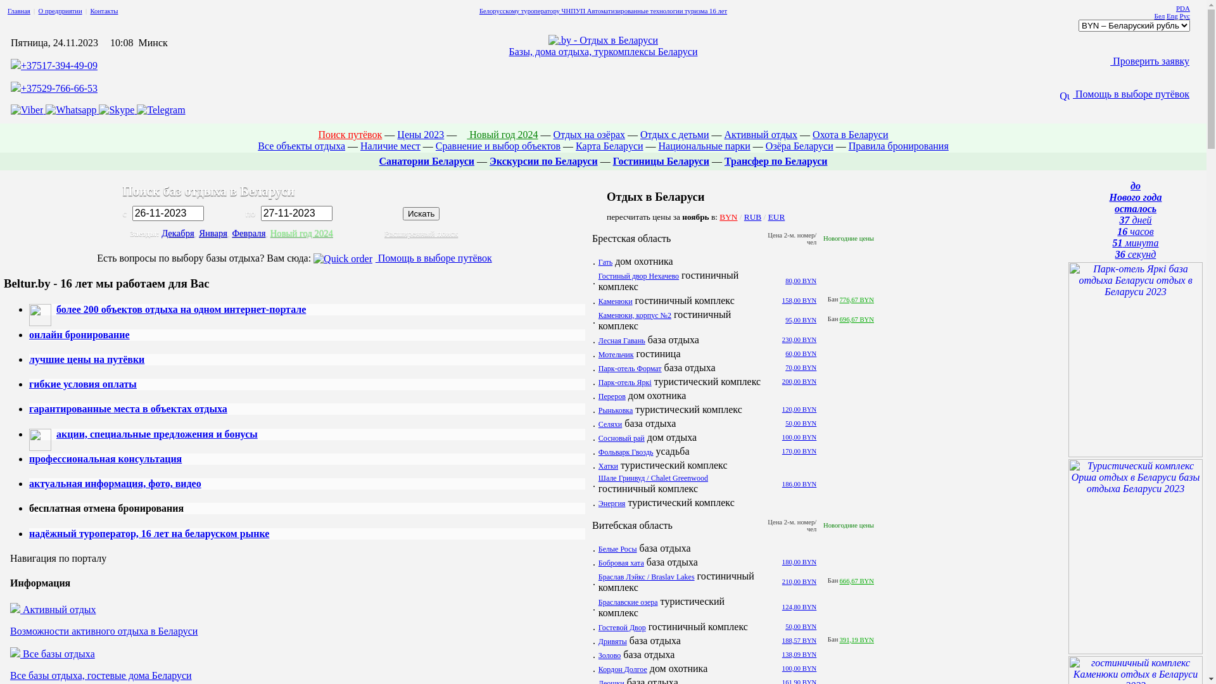 The image size is (1216, 684). Describe the element at coordinates (752, 215) in the screenshot. I see `'RUB'` at that location.